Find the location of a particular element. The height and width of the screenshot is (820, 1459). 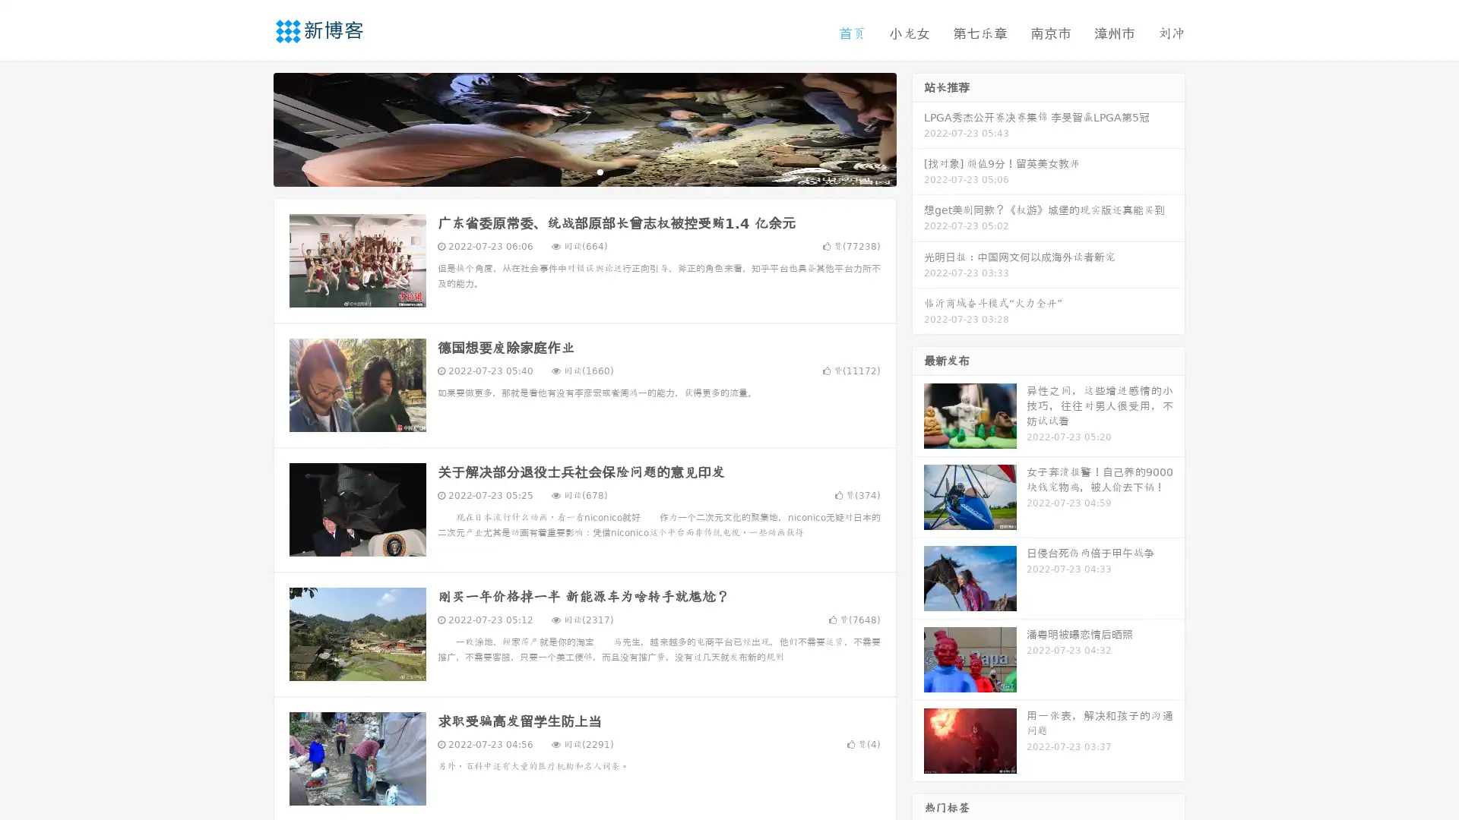

Next slide is located at coordinates (918, 128).